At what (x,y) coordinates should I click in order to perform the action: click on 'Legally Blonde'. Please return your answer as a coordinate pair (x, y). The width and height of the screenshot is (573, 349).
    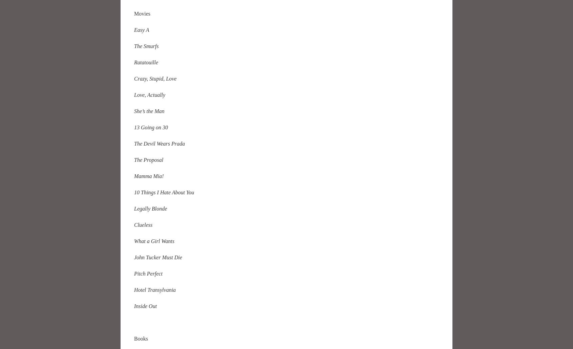
    Looking at the image, I should click on (150, 208).